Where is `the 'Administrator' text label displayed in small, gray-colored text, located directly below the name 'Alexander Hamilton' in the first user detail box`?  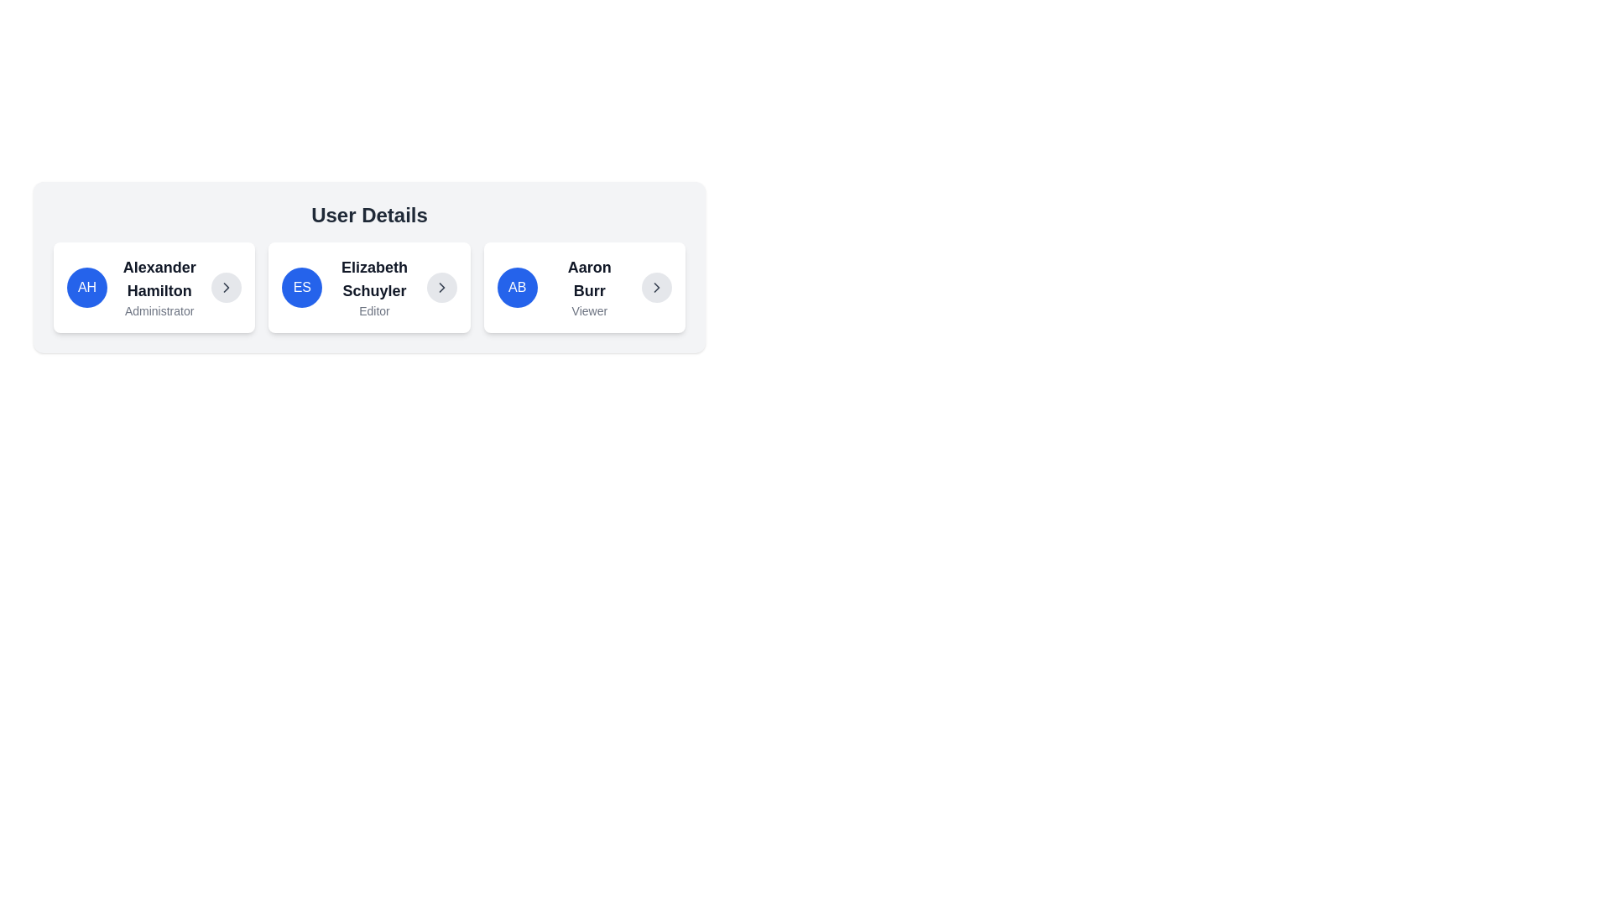
the 'Administrator' text label displayed in small, gray-colored text, located directly below the name 'Alexander Hamilton' in the first user detail box is located at coordinates (159, 310).